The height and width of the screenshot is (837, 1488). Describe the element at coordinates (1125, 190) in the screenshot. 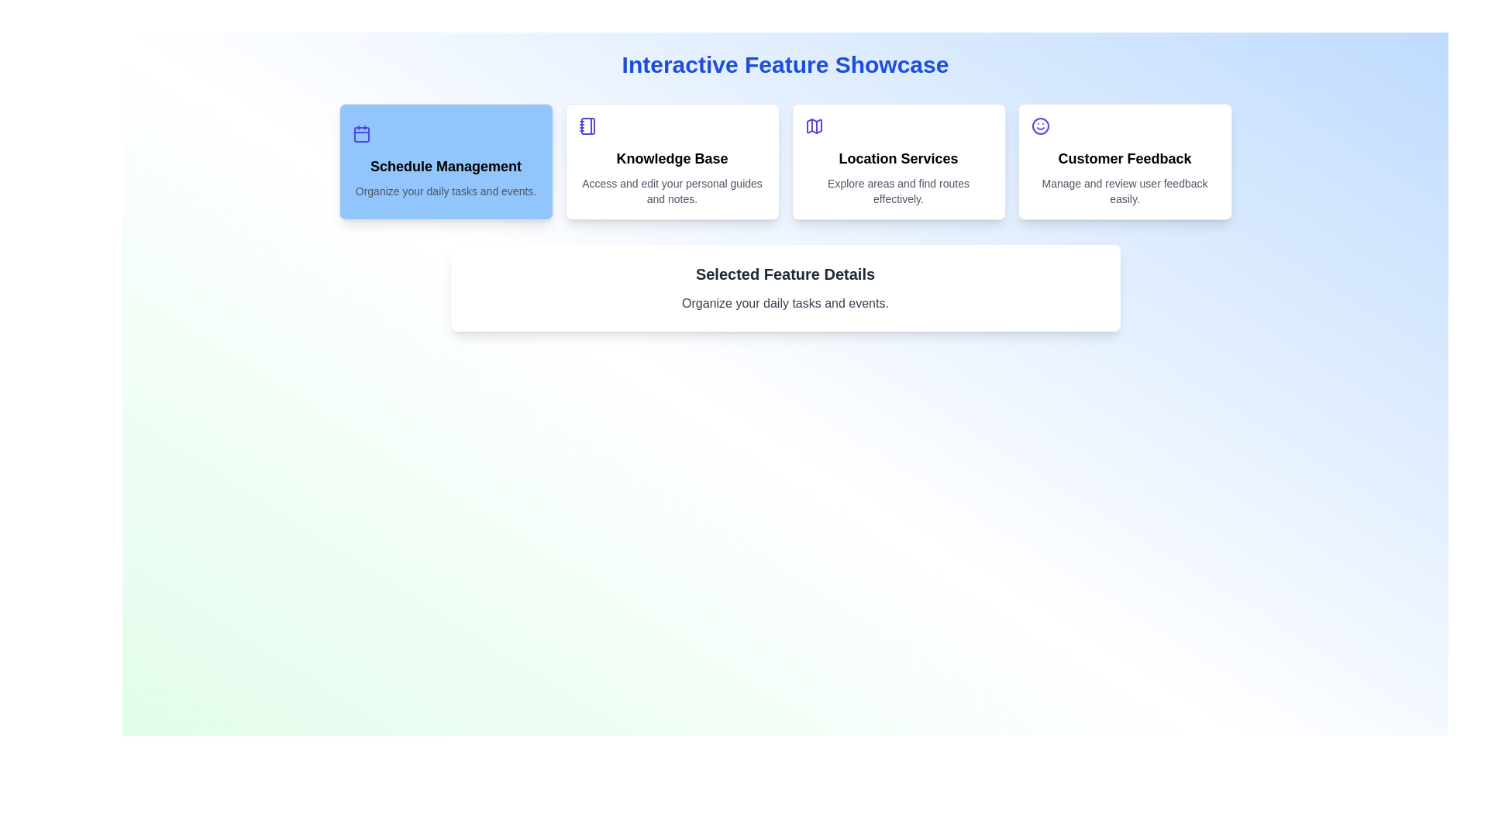

I see `the descriptive text located at the bottom of the 'Customer Feedback' card` at that location.